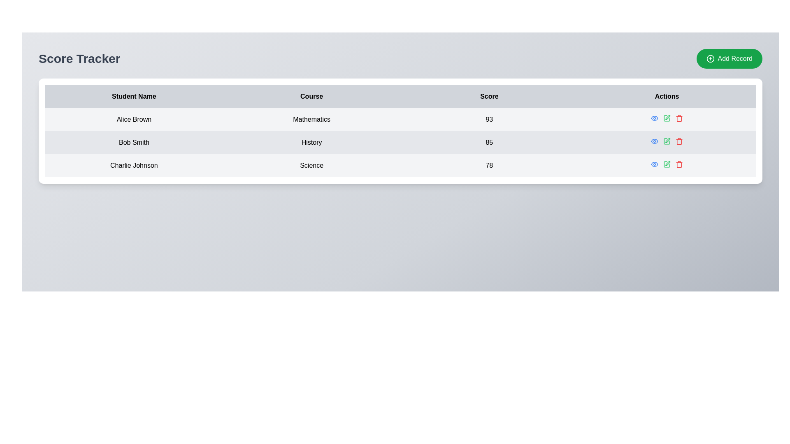  I want to click on text content of the label displaying 'Alice Brown' in the leftmost cell of the first row under the 'Student Name' column, so click(134, 119).